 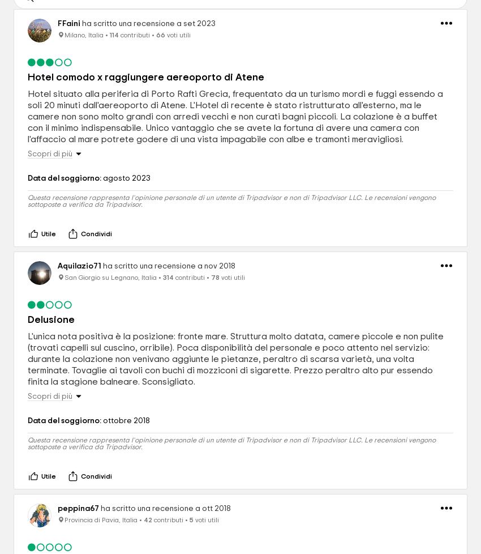 What do you see at coordinates (50, 319) in the screenshot?
I see `'Delusione'` at bounding box center [50, 319].